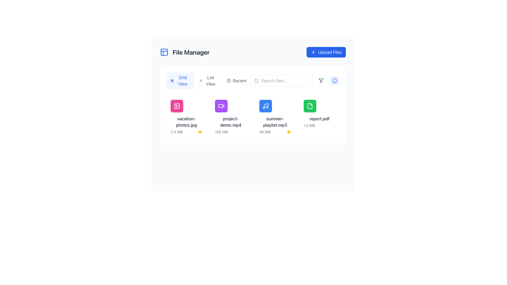  I want to click on the upload button located in the upper-right corner of the 'File Manager' section, so click(326, 52).